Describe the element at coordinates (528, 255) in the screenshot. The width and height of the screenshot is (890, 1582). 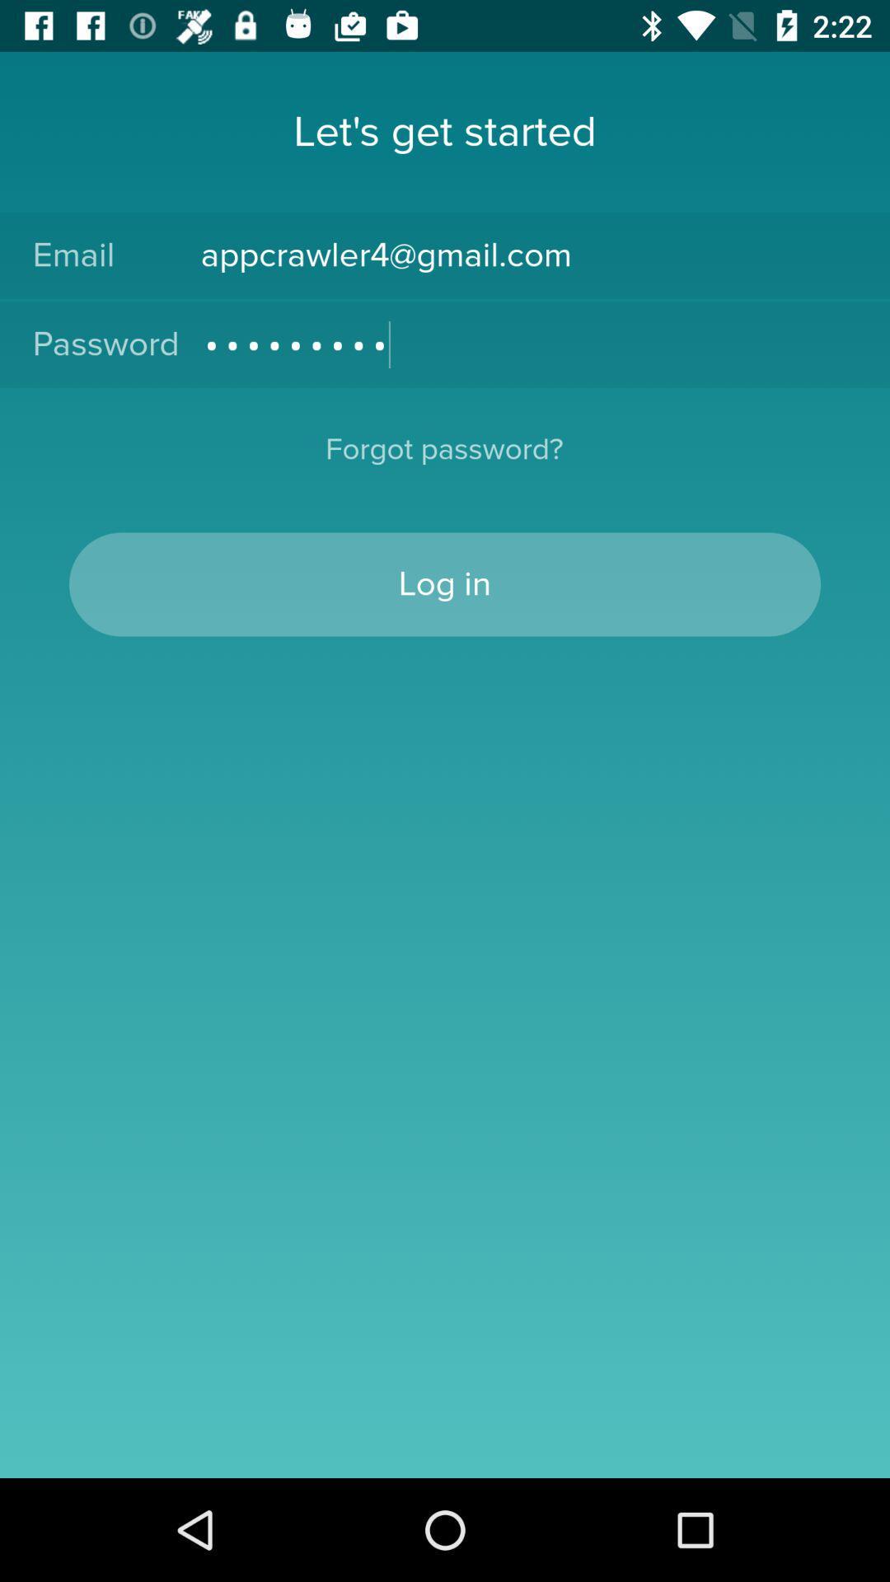
I see `the icon to the right of the email` at that location.